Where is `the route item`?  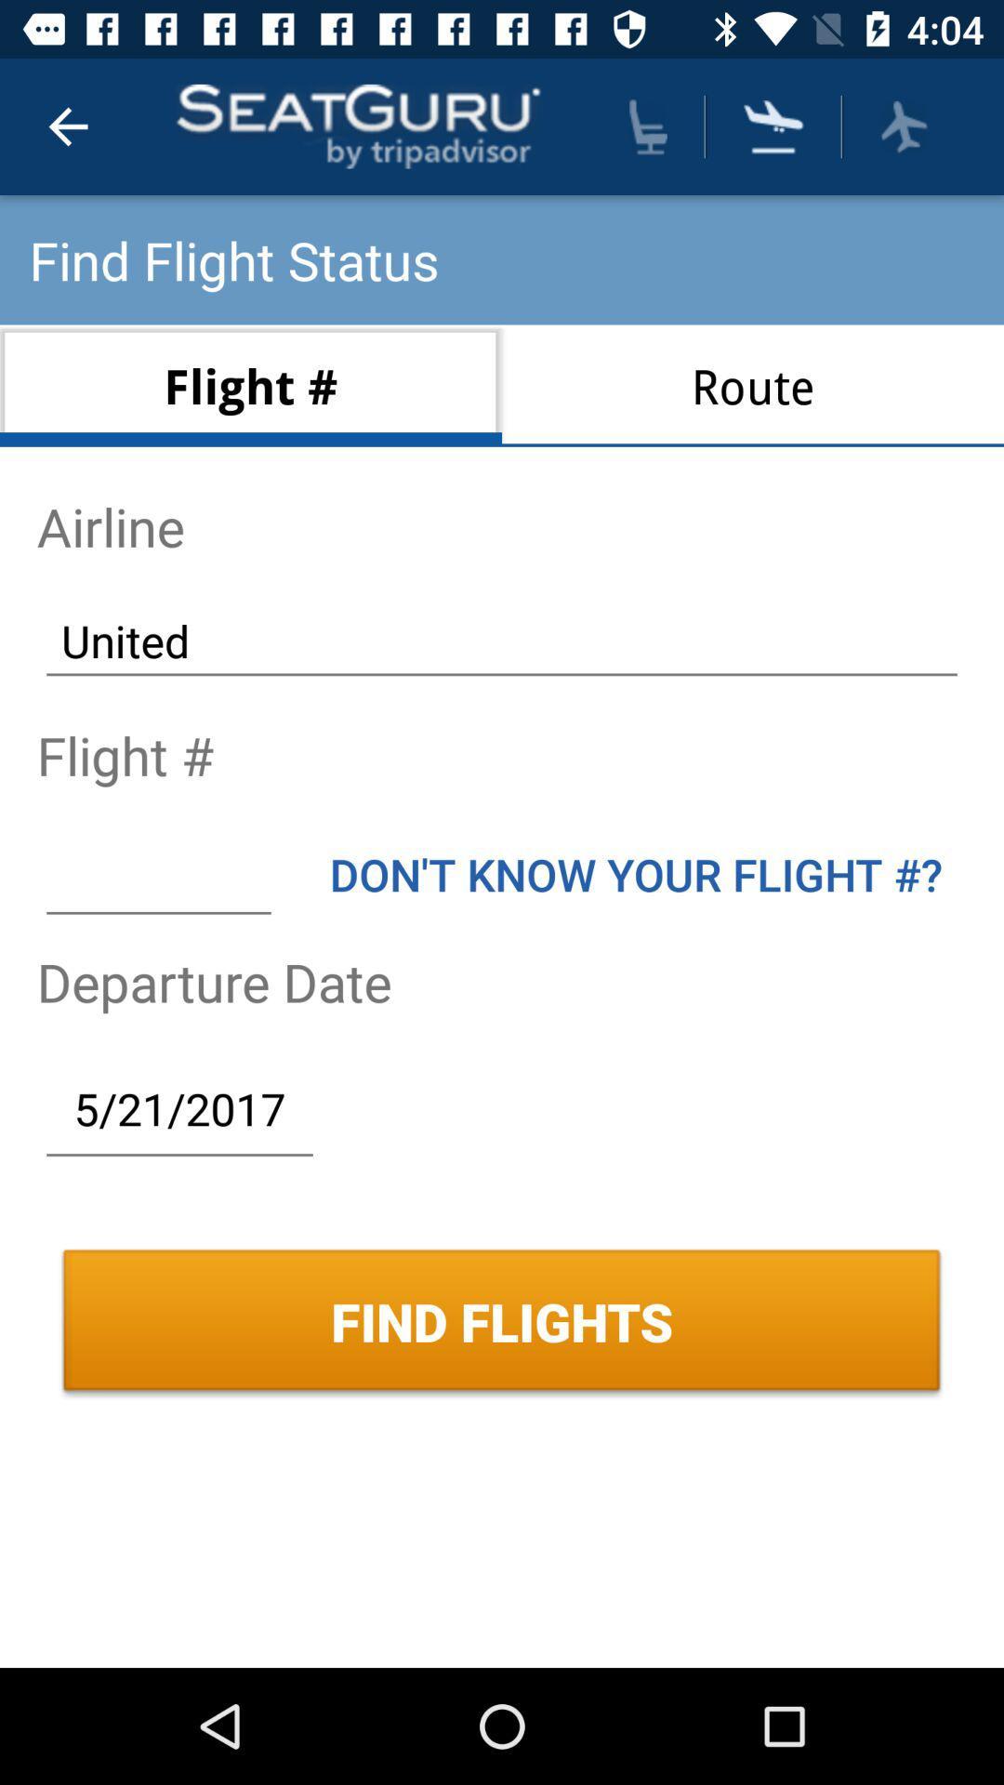
the route item is located at coordinates (753, 385).